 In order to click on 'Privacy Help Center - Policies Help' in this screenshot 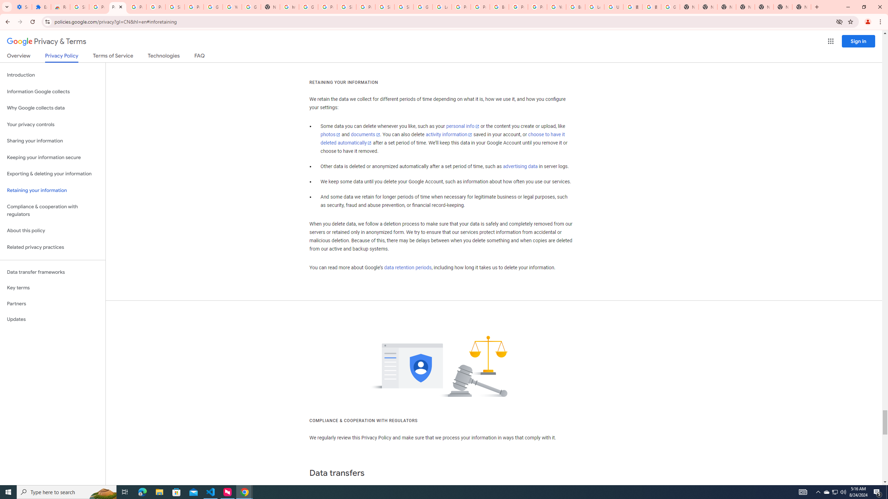, I will do `click(461, 7)`.